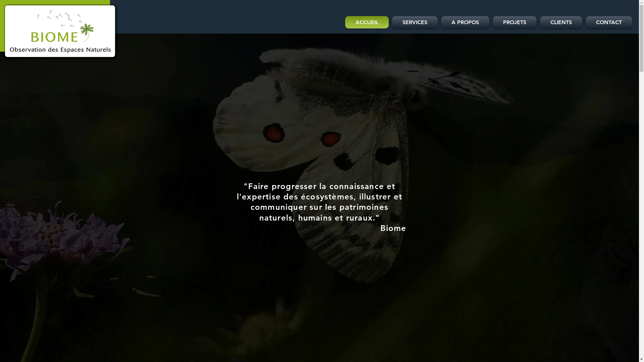  Describe the element at coordinates (561, 22) in the screenshot. I see `'CLIENTS'` at that location.